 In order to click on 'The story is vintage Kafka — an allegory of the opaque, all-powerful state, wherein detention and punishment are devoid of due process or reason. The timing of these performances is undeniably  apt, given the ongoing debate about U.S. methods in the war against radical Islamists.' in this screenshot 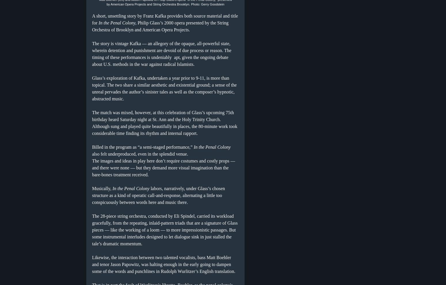, I will do `click(162, 53)`.